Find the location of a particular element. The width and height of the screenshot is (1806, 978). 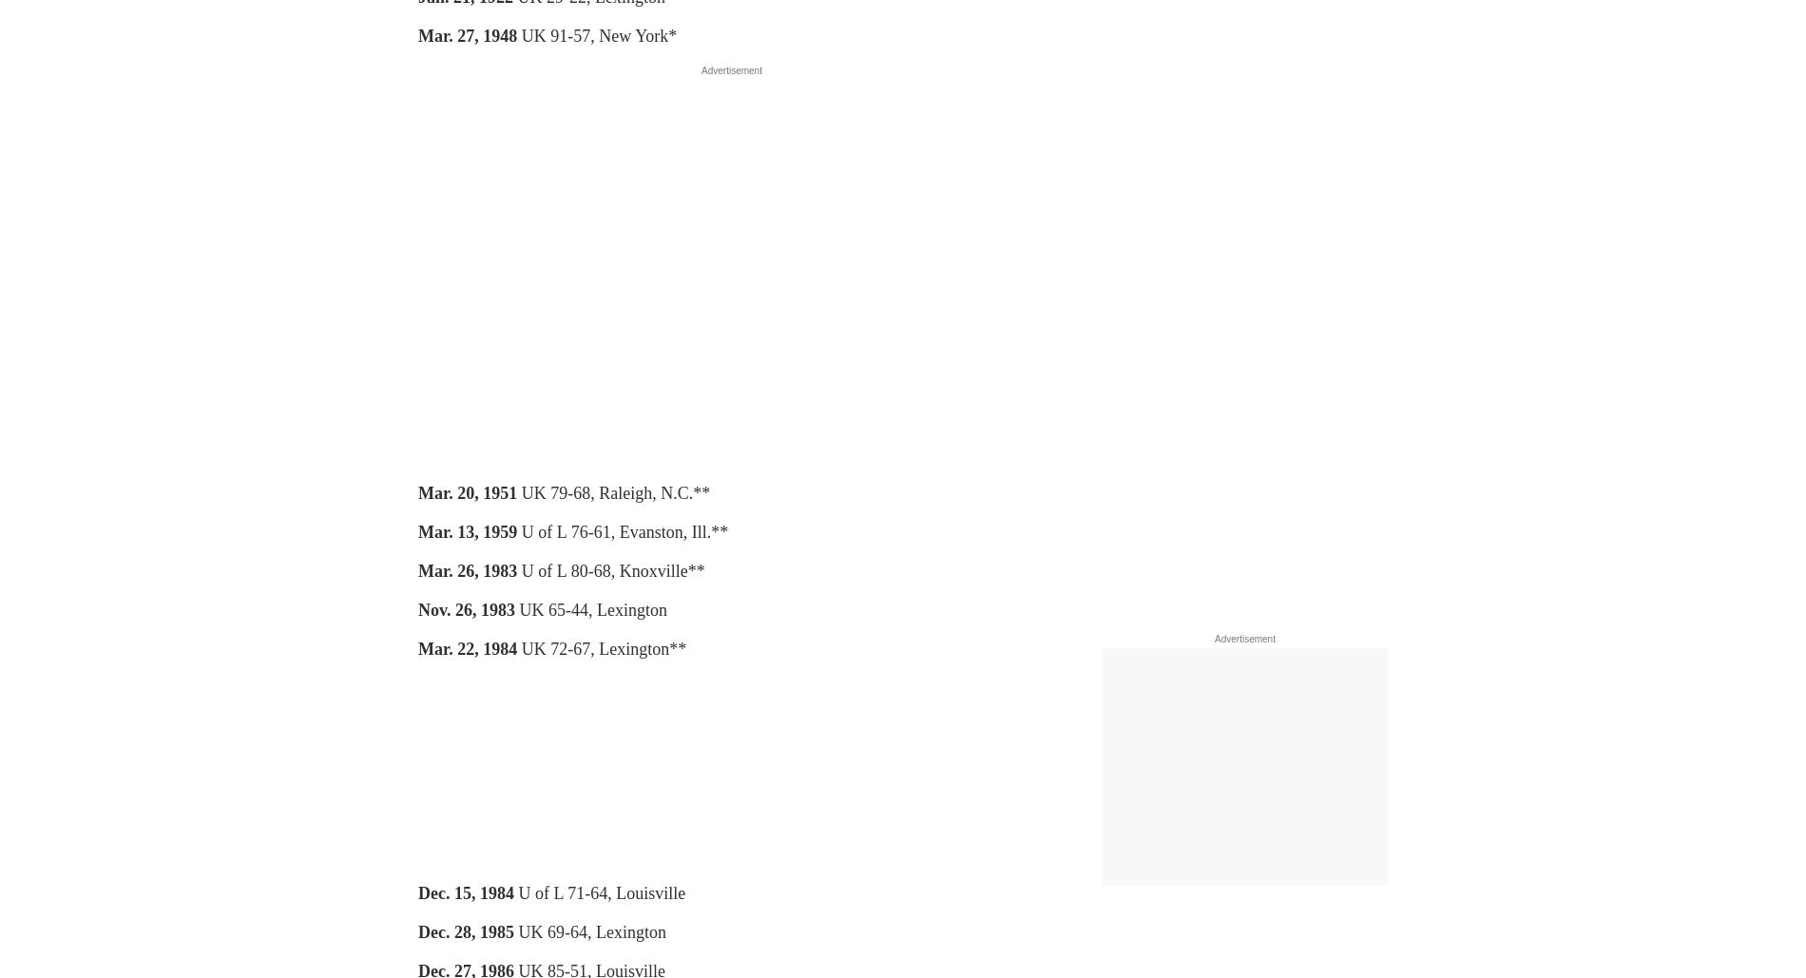

'Mar. 13, 1959' is located at coordinates (467, 530).